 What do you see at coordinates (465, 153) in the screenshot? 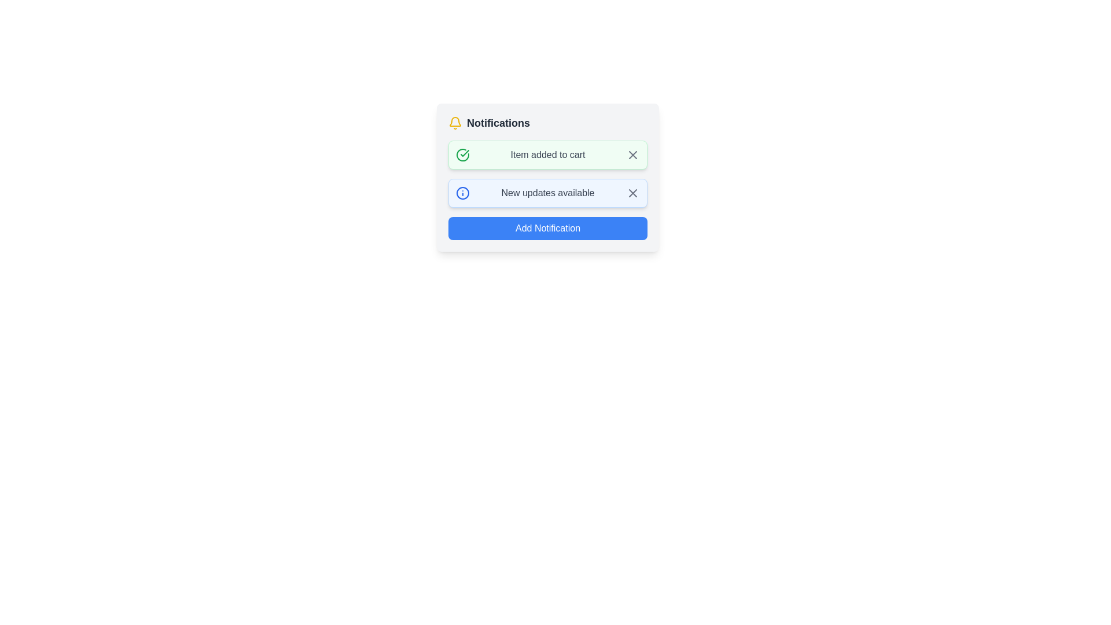
I see `the status indicator icon that visually confirms the notification message 'Item added to cart', positioned centrally within the top left of the notification entry line` at bounding box center [465, 153].